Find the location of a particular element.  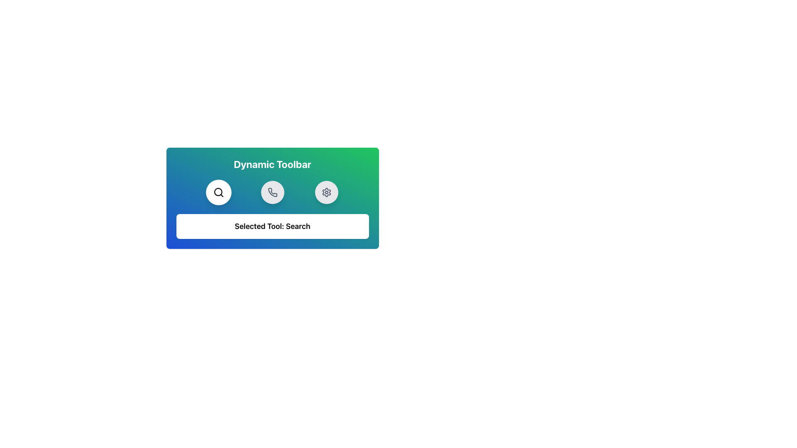

the phone icon located in the middle of the toolbar beneath the label 'Dynamic Toolbar' is located at coordinates (272, 192).